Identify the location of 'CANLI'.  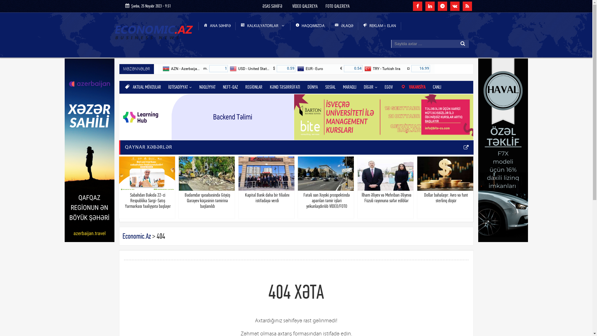
(437, 87).